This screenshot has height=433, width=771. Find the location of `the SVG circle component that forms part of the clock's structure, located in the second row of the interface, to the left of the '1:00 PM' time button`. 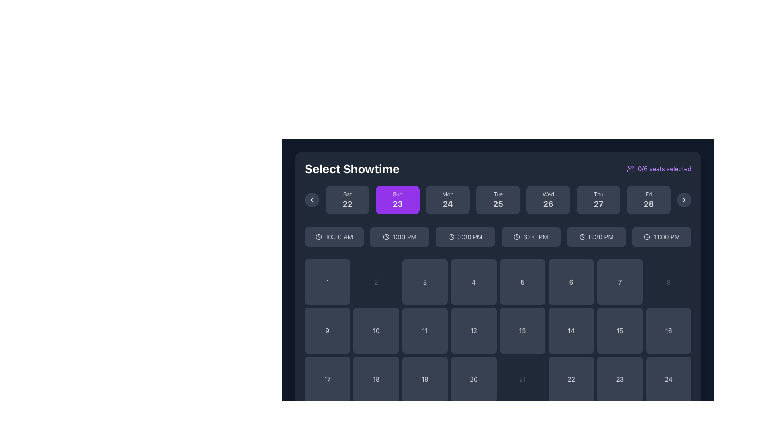

the SVG circle component that forms part of the clock's structure, located in the second row of the interface, to the left of the '1:00 PM' time button is located at coordinates (386, 236).